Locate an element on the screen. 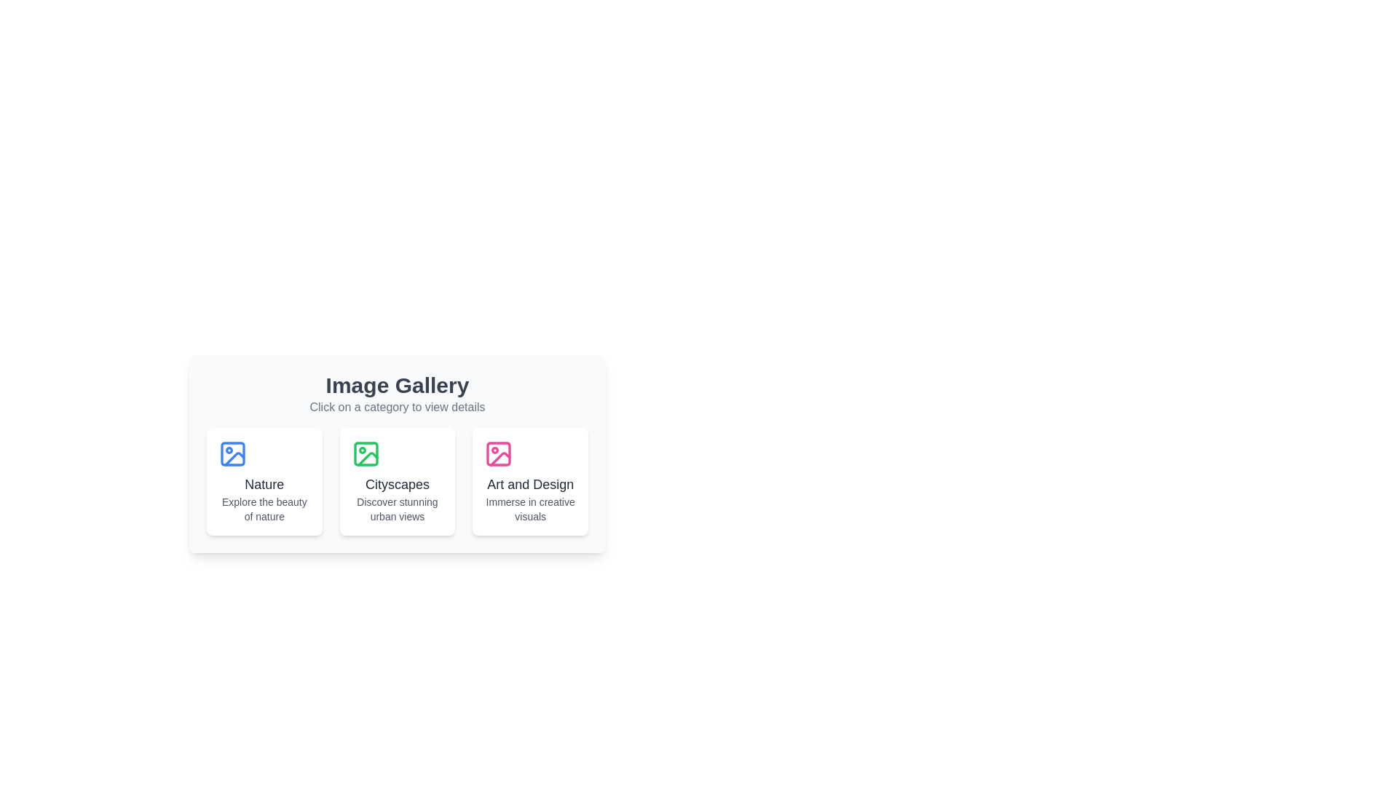 This screenshot has width=1398, height=786. the small decorative rectangle with rounded corners located within the leftmost icon representing the category 'Nature' is located at coordinates (233, 453).